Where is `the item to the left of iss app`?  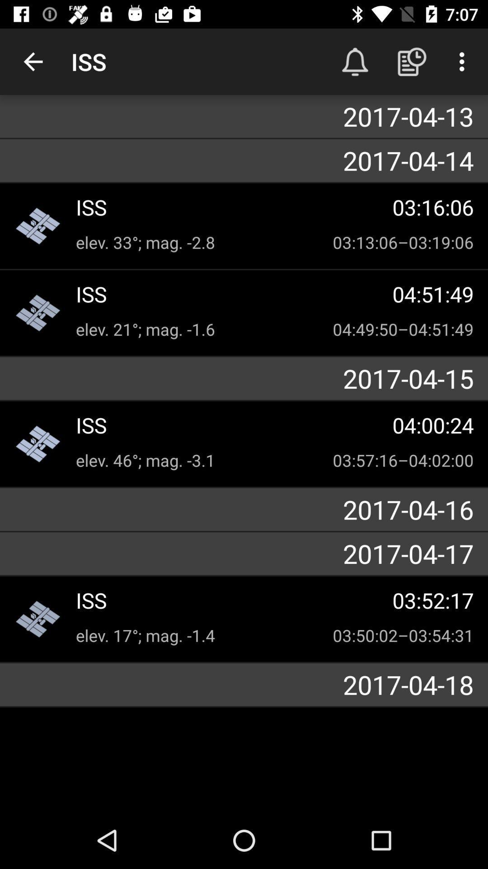
the item to the left of iss app is located at coordinates (33, 61).